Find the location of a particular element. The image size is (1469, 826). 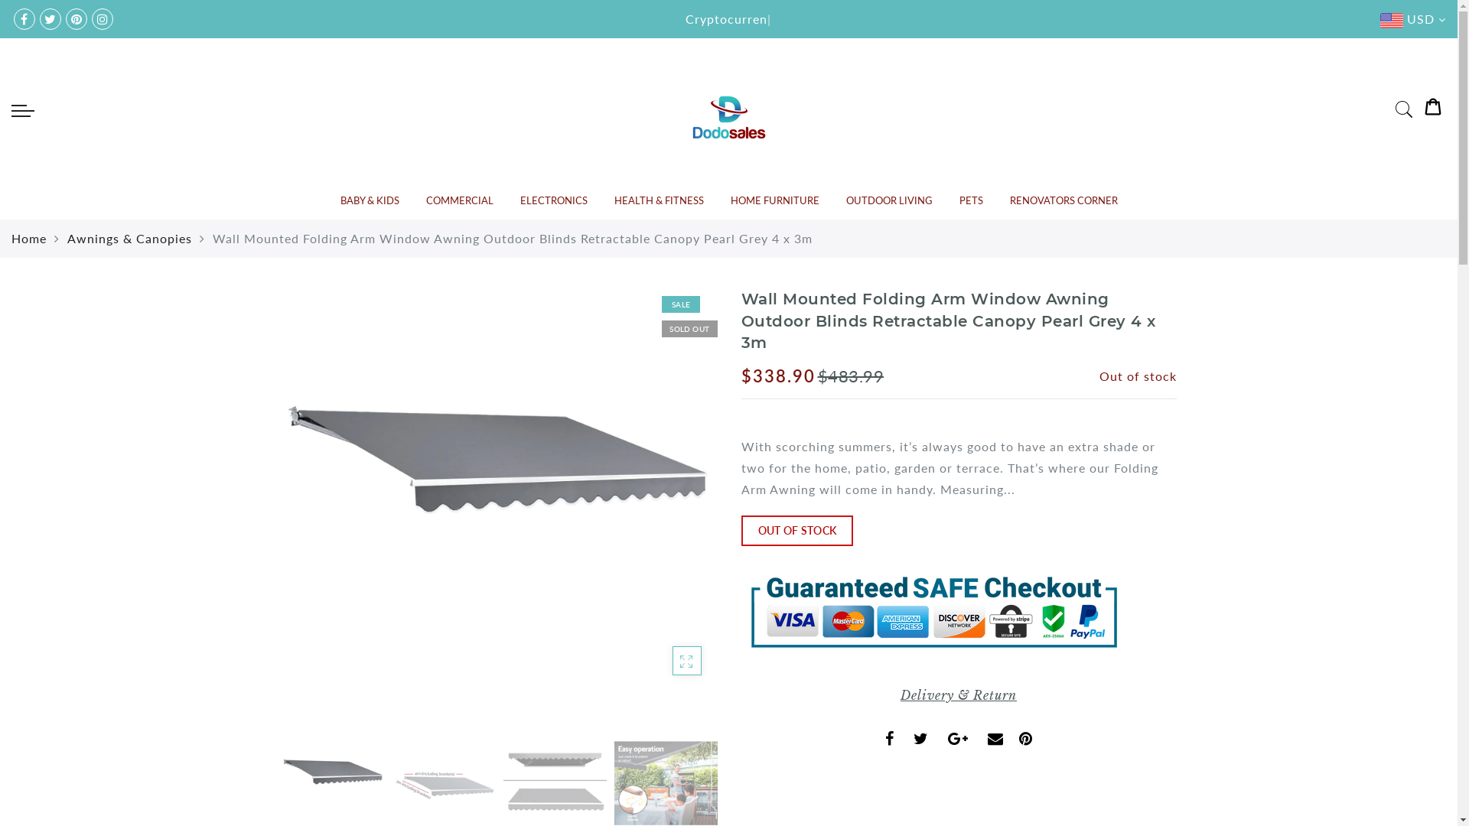

'Home' is located at coordinates (29, 238).